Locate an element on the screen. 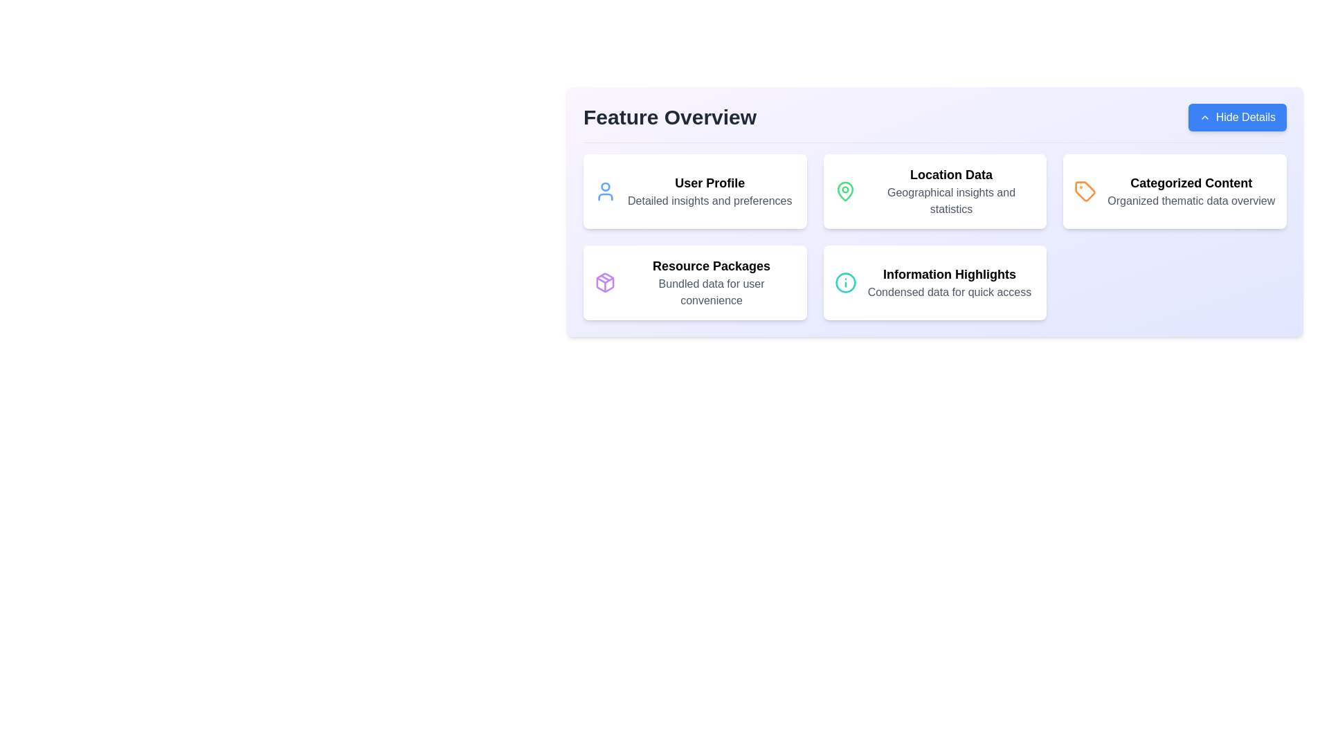 Image resolution: width=1329 pixels, height=747 pixels. the decorative icon located at the top-left corner of the 'Categorized Content' card in the feature overview grid is located at coordinates (1085, 192).